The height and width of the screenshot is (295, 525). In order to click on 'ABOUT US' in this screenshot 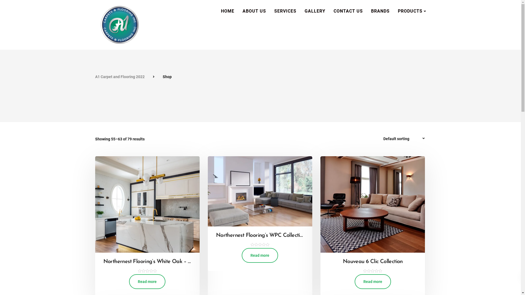, I will do `click(254, 11)`.